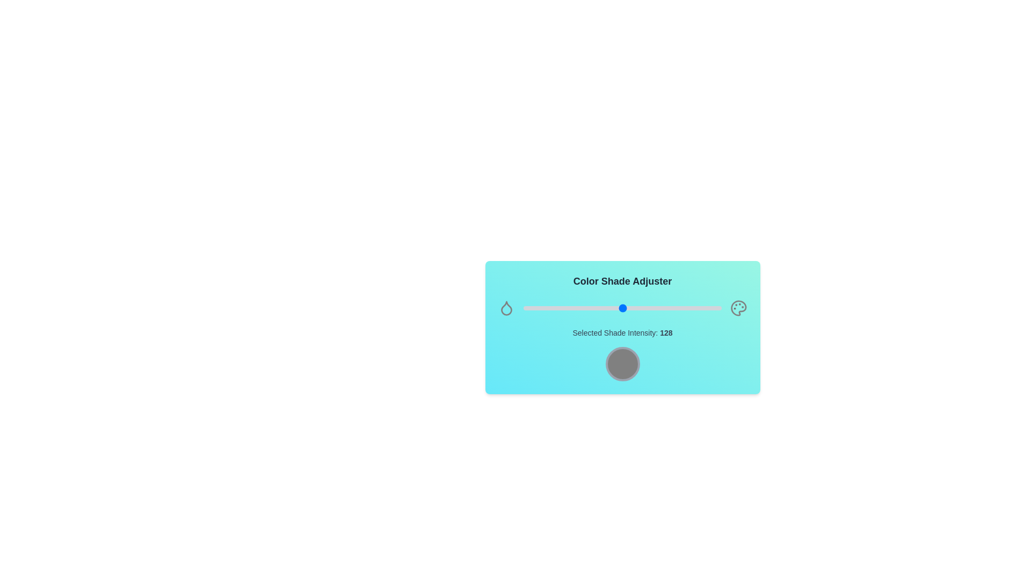  Describe the element at coordinates (560, 308) in the screenshot. I see `the shade intensity to 47 using the slider` at that location.